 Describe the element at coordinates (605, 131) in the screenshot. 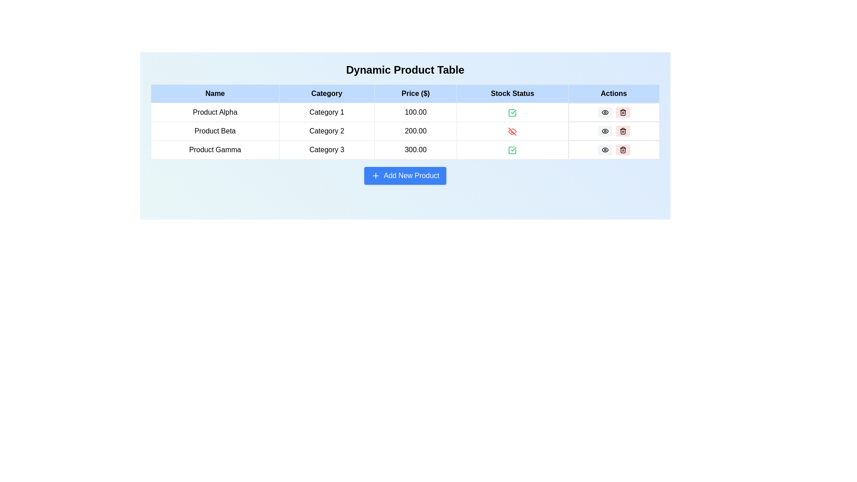

I see `the eye icon button in the 'Actions' column of the second row, which represents the 'view' action for 'Product Beta'` at that location.